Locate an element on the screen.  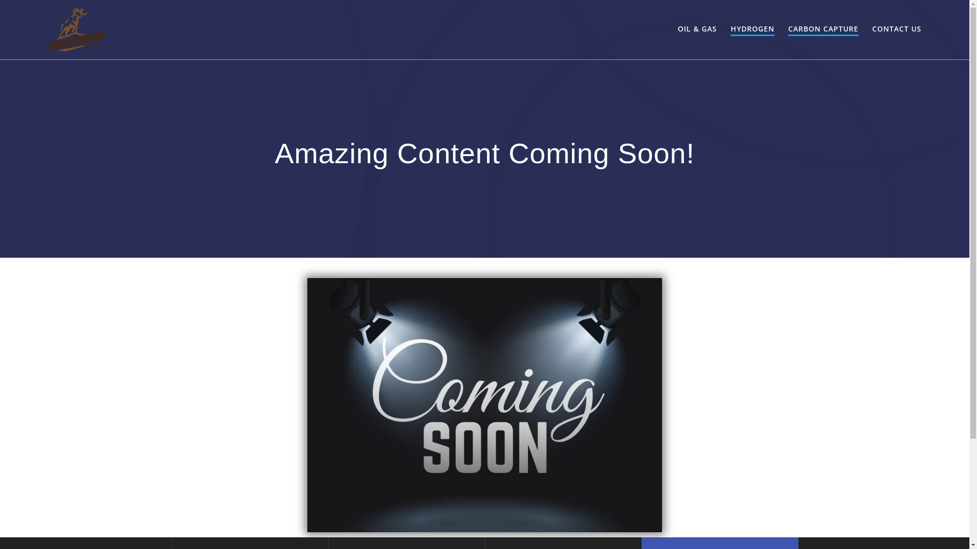
'OIL & GAS' is located at coordinates (697, 29).